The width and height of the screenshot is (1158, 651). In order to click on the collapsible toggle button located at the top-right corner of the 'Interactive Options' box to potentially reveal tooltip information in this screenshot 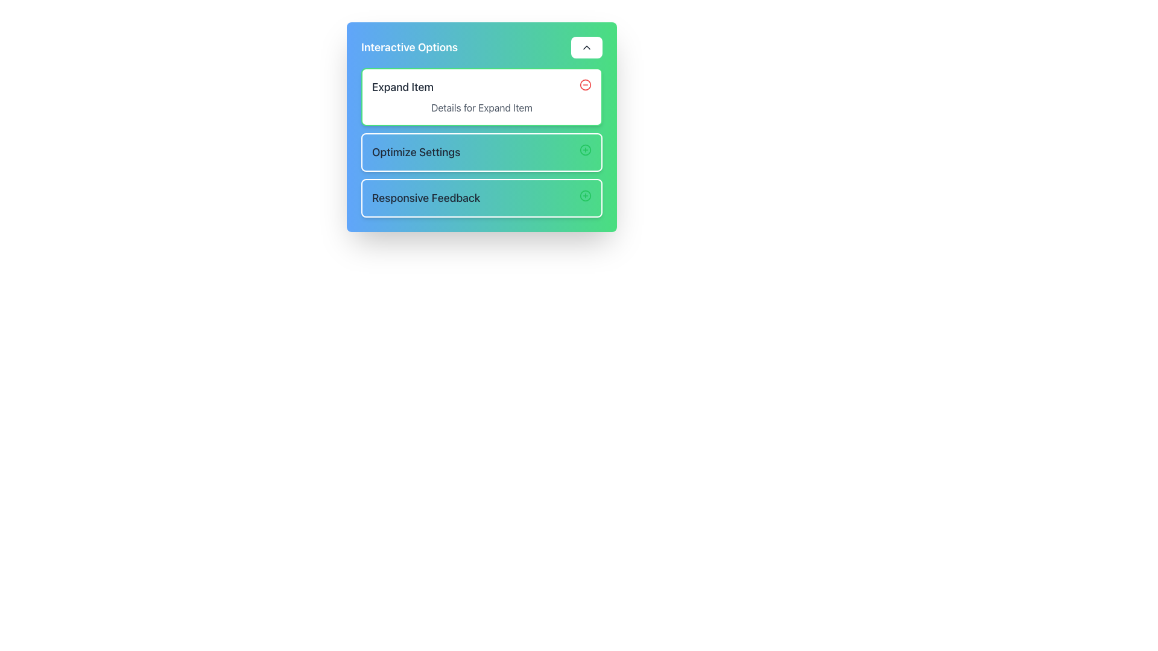, I will do `click(587, 46)`.